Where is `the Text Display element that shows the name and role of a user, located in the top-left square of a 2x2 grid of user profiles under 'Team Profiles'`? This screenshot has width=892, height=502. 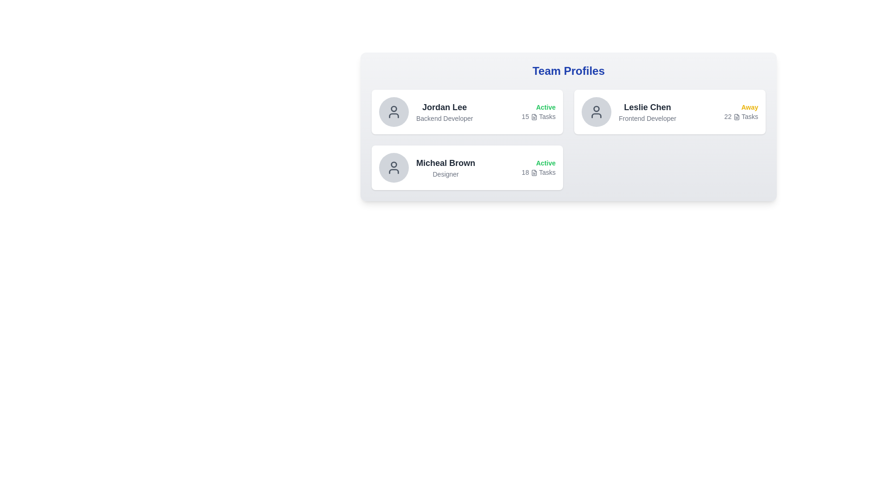 the Text Display element that shows the name and role of a user, located in the top-left square of a 2x2 grid of user profiles under 'Team Profiles' is located at coordinates (444, 111).